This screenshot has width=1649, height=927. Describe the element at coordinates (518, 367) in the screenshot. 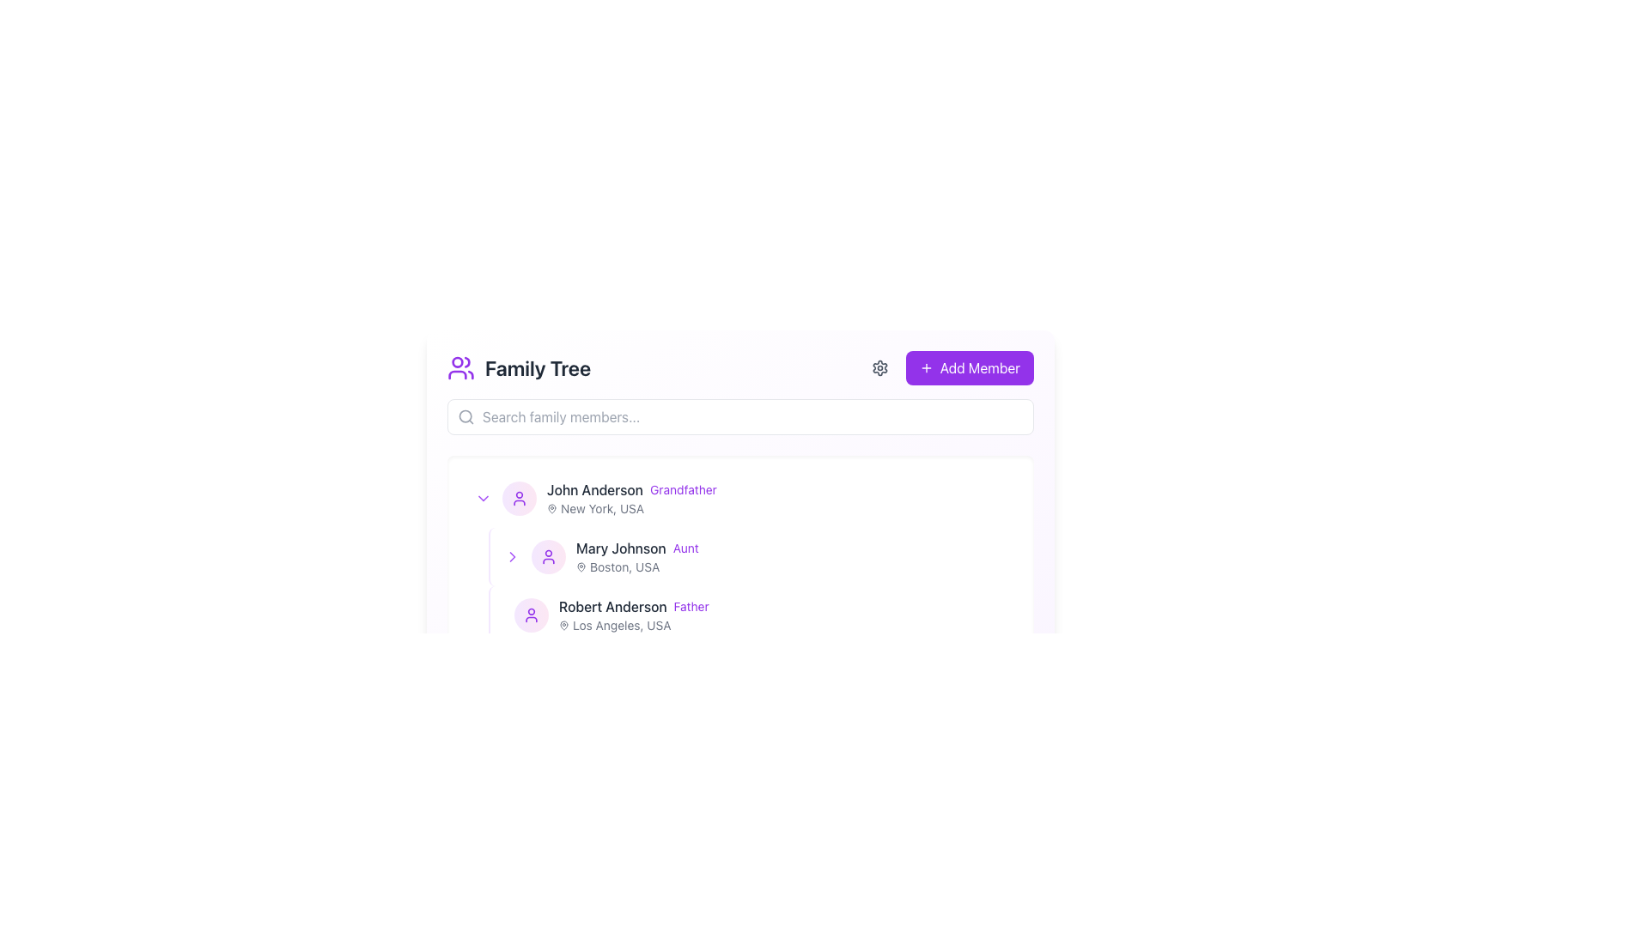

I see `header section titled 'Family Tree' which includes a purple icon of stylized user figures and bold dark gray text, located near the top left of the interface` at that location.